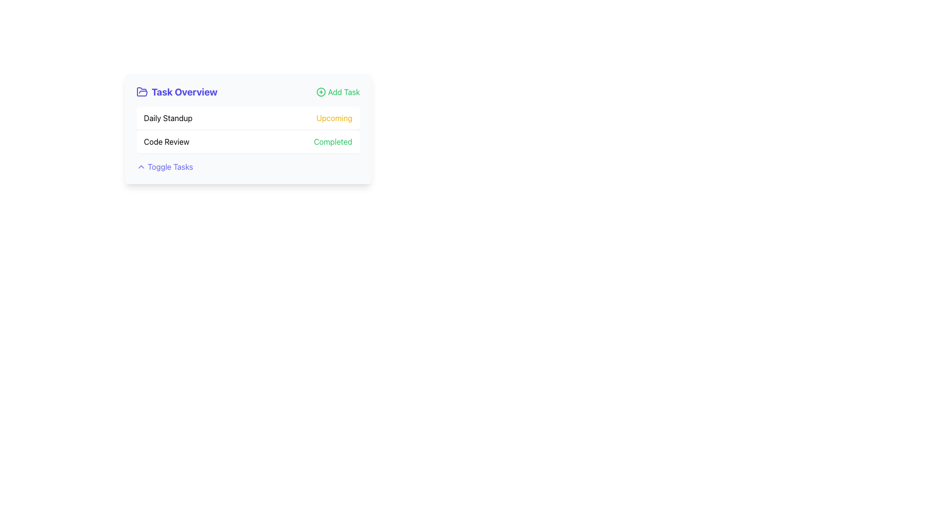 This screenshot has width=926, height=521. Describe the element at coordinates (248, 141) in the screenshot. I see `the Row item in the task list titled 'Code Review' with the status 'Completed' for accessibility purposes` at that location.